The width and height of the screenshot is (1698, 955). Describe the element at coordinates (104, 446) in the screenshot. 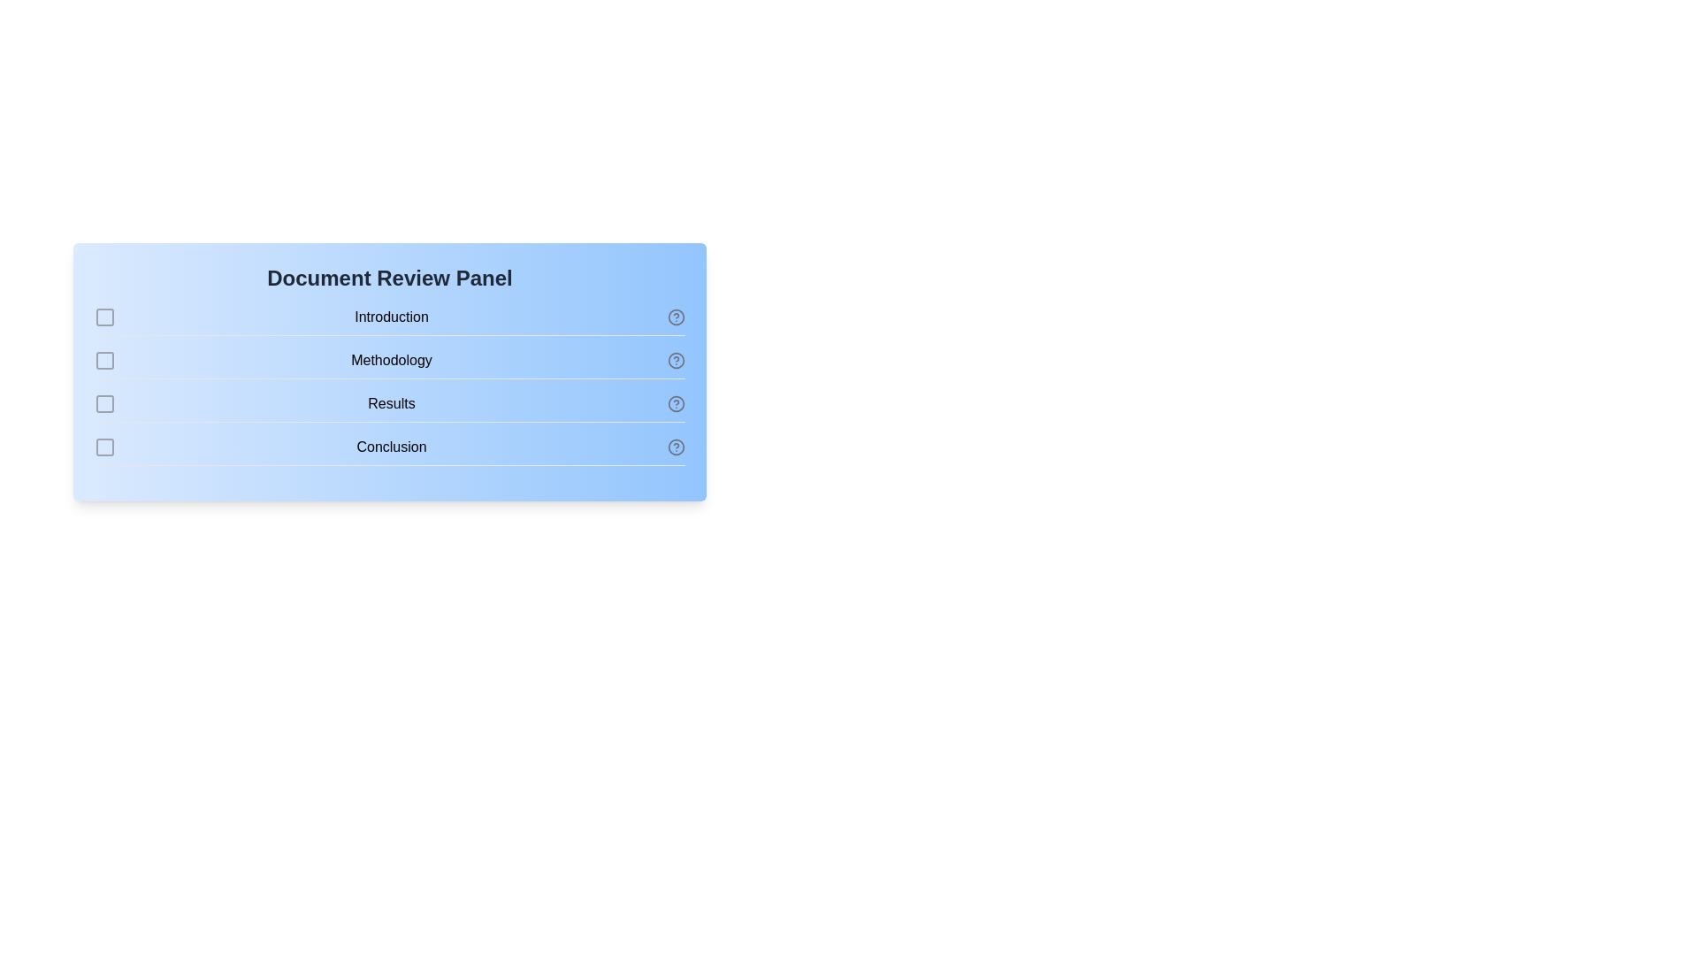

I see `the section Conclusion` at that location.